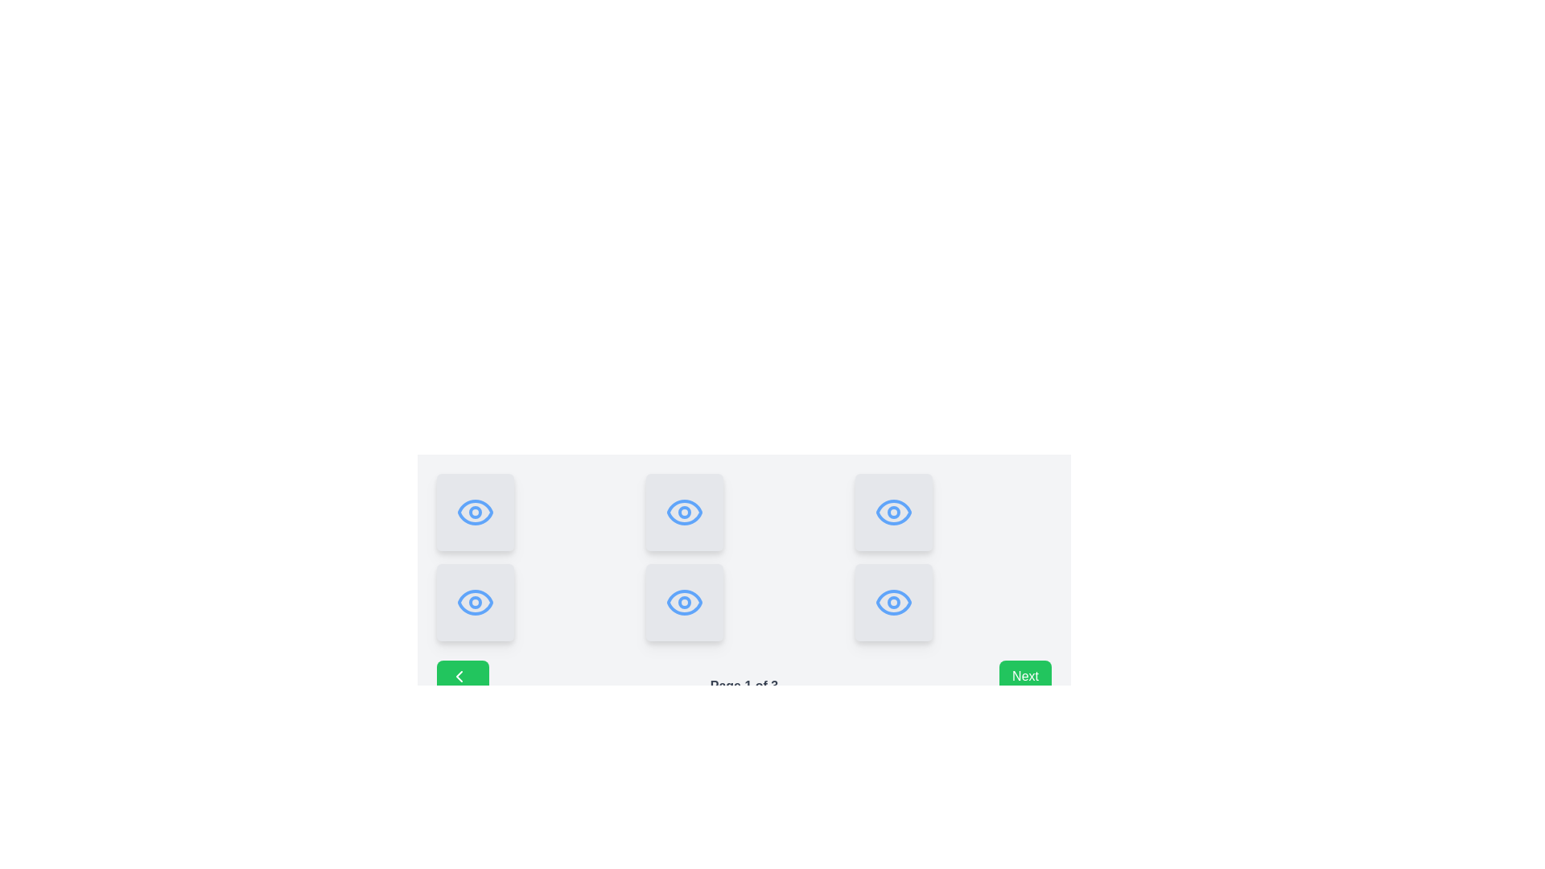  Describe the element at coordinates (892, 602) in the screenshot. I see `the visual marker circle located in the bottom-right button of a 2x3 grid containing eye icons` at that location.